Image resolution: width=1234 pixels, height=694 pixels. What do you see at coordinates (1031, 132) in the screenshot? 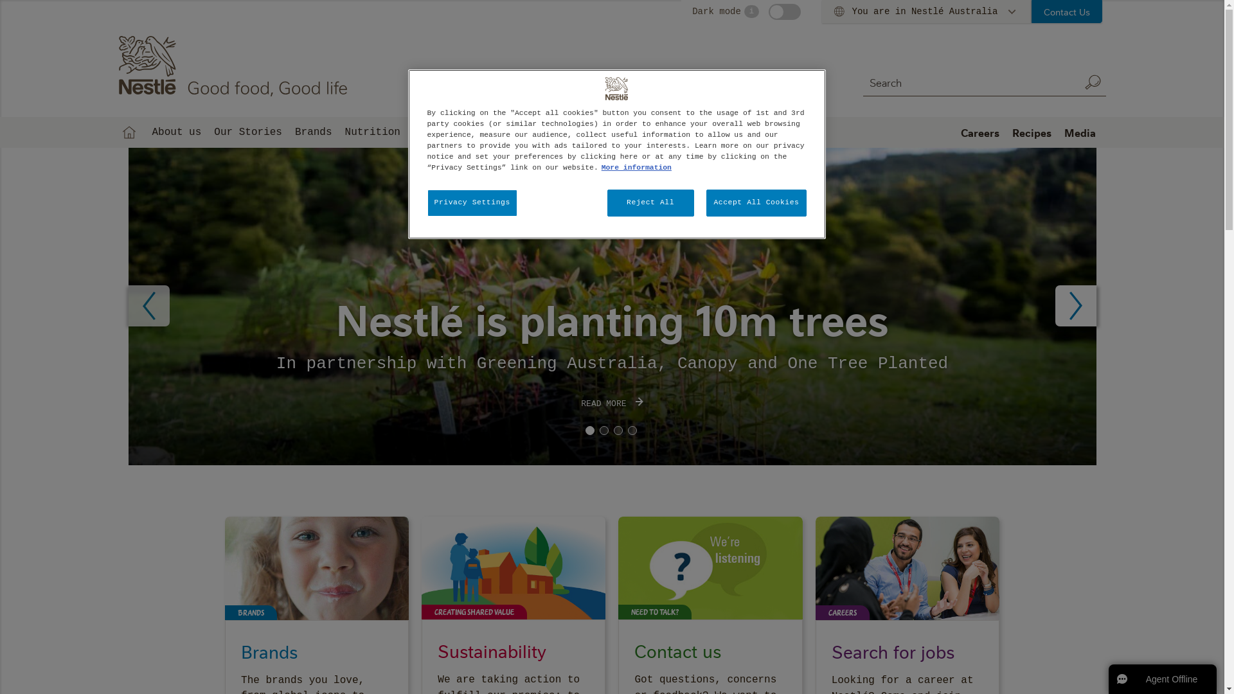
I see `'Recipes'` at bounding box center [1031, 132].